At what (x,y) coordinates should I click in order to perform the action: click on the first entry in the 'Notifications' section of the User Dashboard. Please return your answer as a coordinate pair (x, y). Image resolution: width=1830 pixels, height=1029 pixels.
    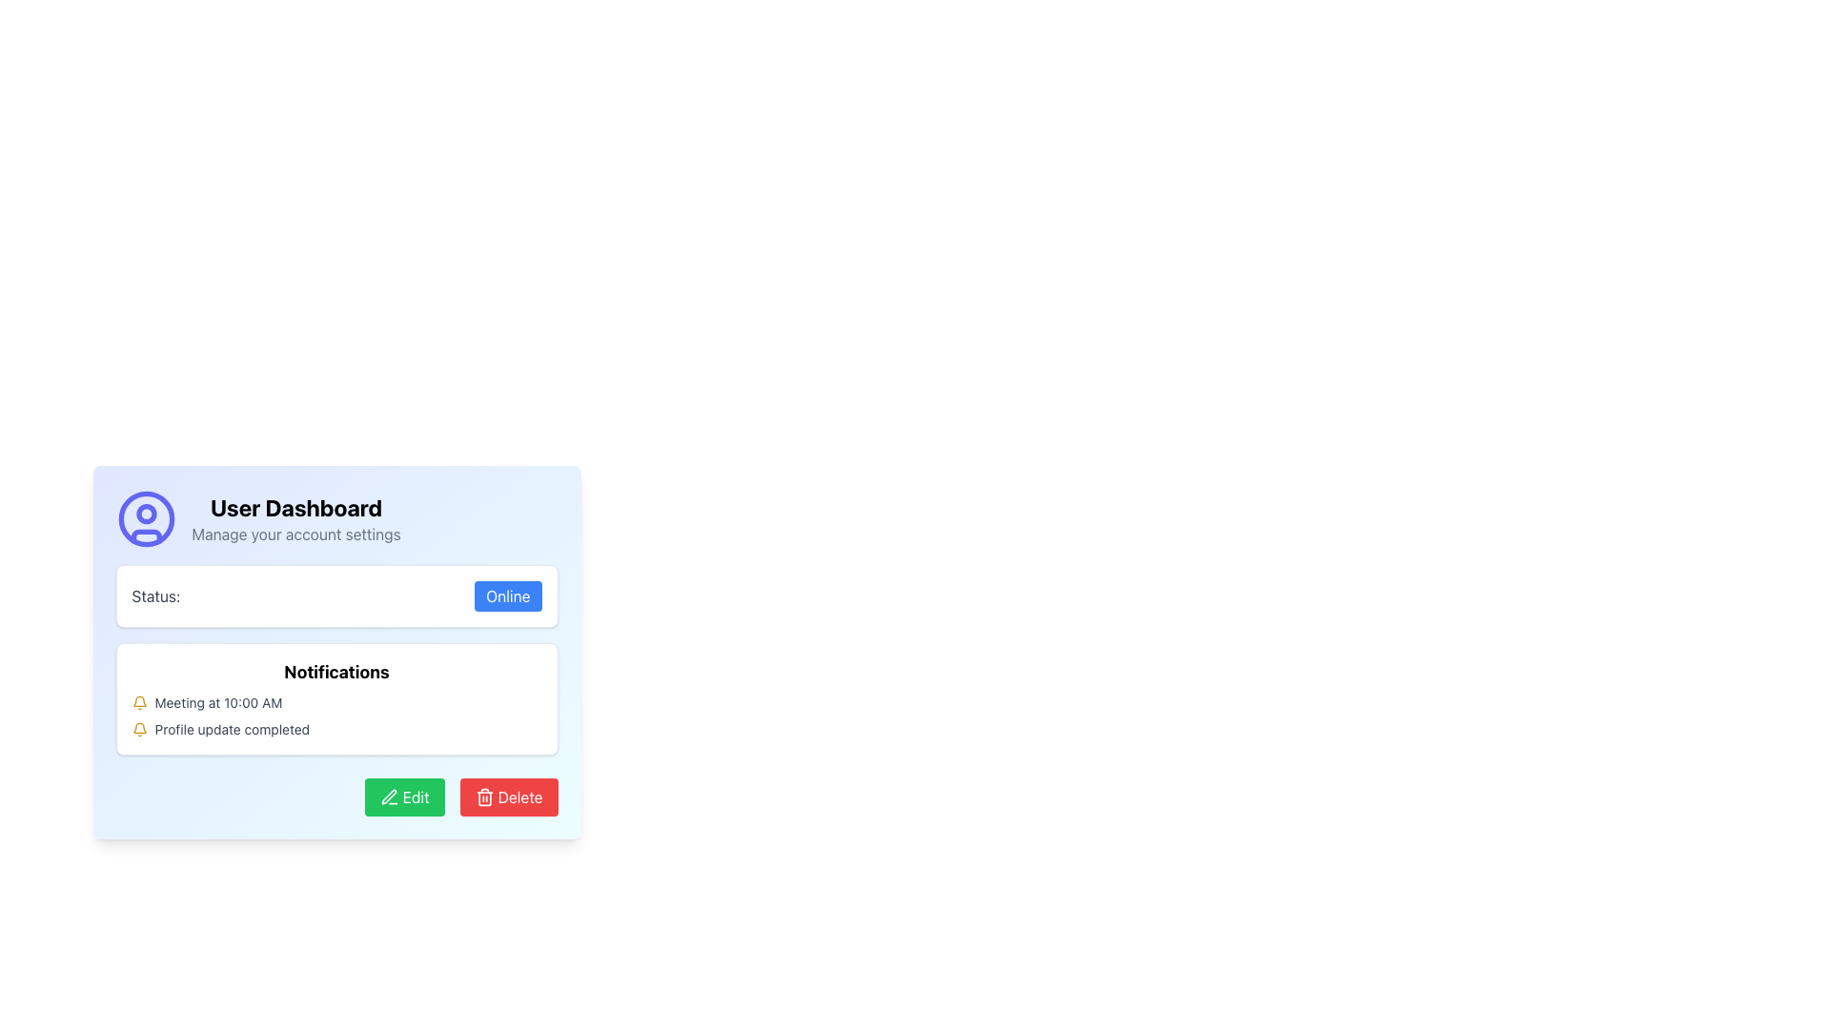
    Looking at the image, I should click on (218, 702).